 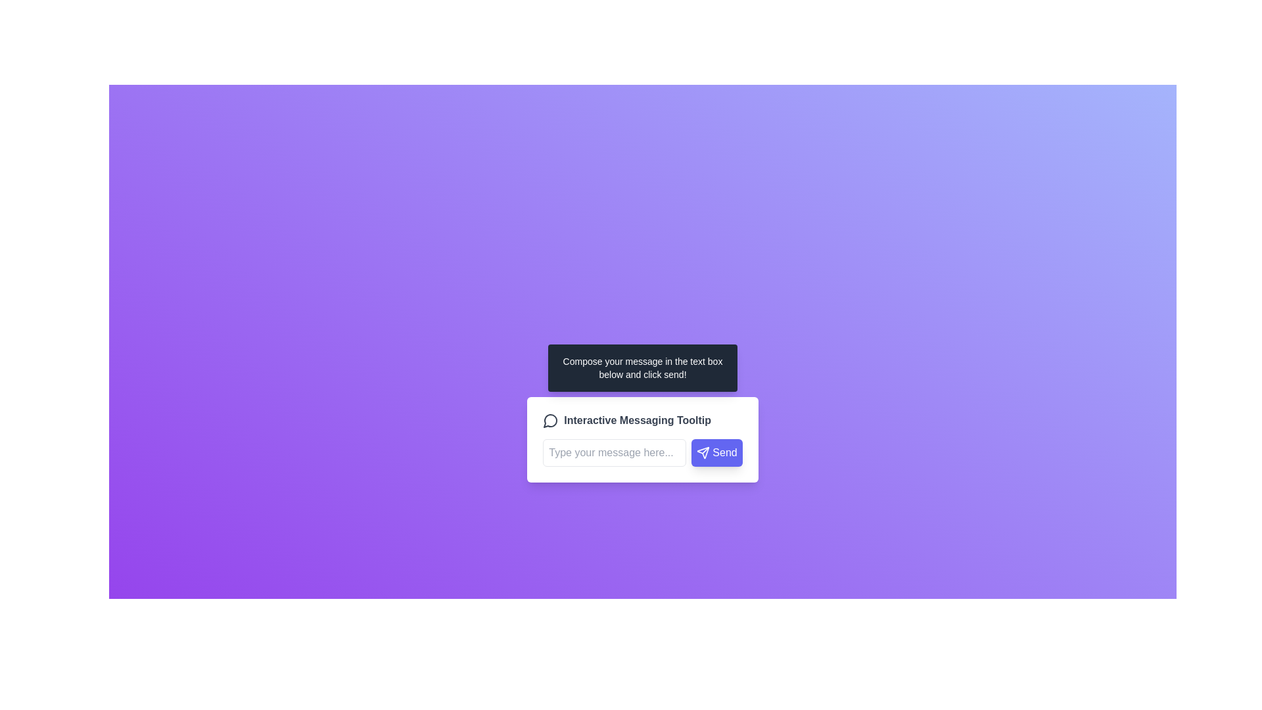 What do you see at coordinates (643, 367) in the screenshot?
I see `the tooltip dialog that instructs 'Compose your message in the text box below and click send!' to read the instruction` at bounding box center [643, 367].